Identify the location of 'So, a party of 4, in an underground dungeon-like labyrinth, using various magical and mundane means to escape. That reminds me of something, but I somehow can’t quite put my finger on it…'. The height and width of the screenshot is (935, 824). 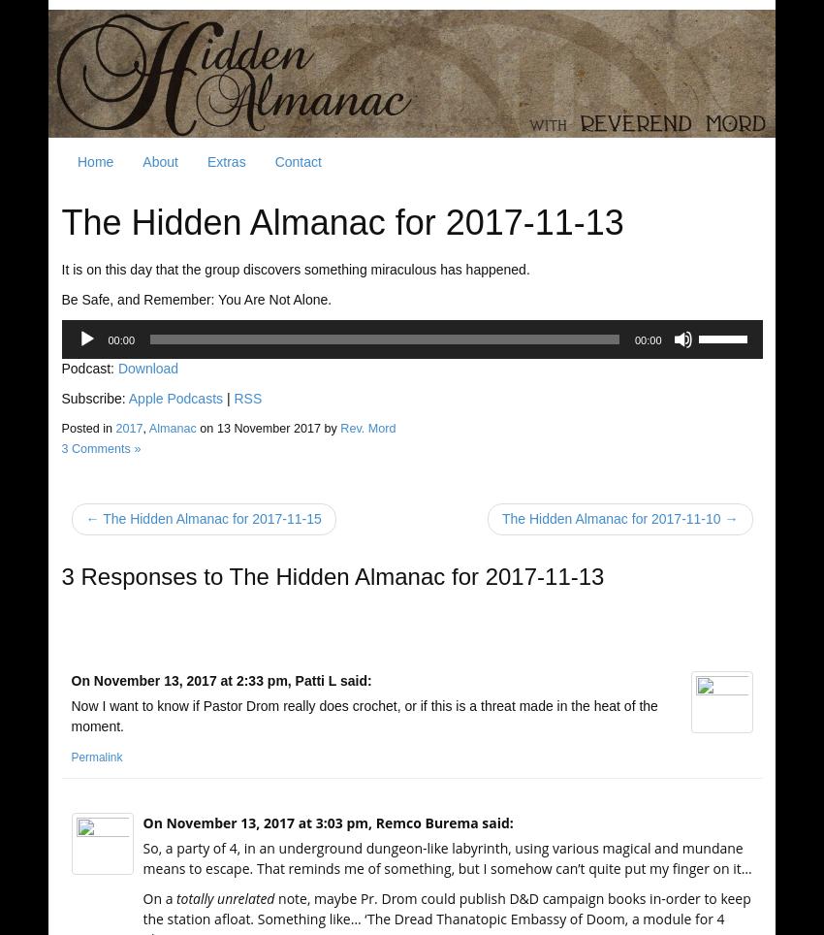
(446, 856).